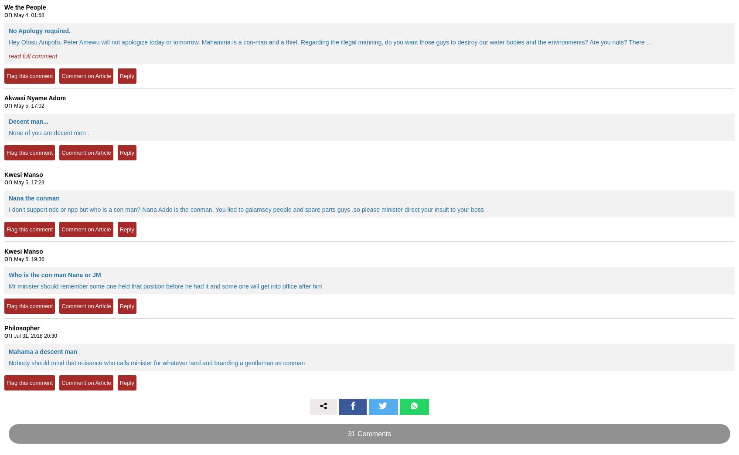 The image size is (739, 455). I want to click on 'Mr minister should remember some one held that position before he had it and some one will get into office after him', so click(165, 285).